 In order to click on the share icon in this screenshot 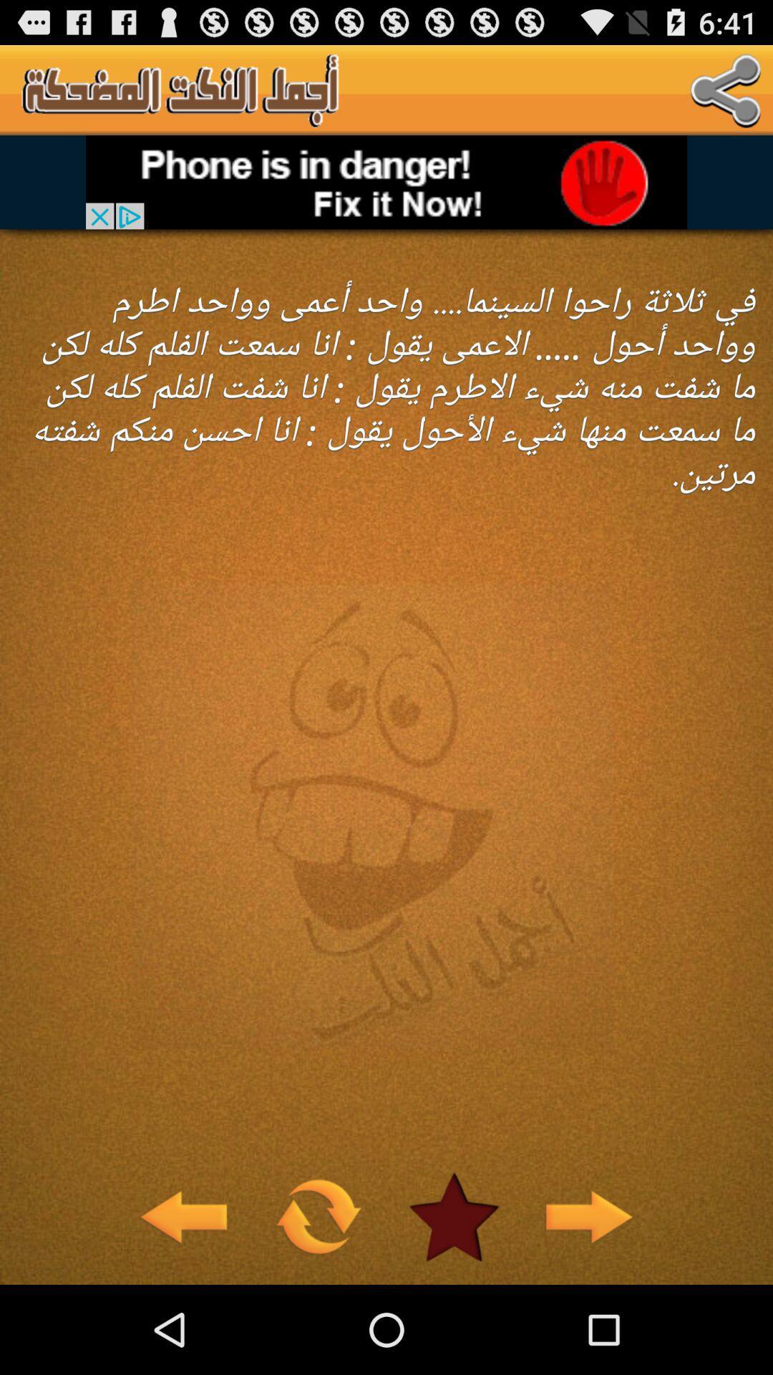, I will do `click(726, 95)`.